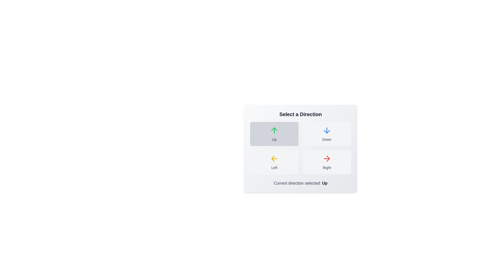  What do you see at coordinates (327, 162) in the screenshot?
I see `the button labeled Right to observe its hover effect` at bounding box center [327, 162].